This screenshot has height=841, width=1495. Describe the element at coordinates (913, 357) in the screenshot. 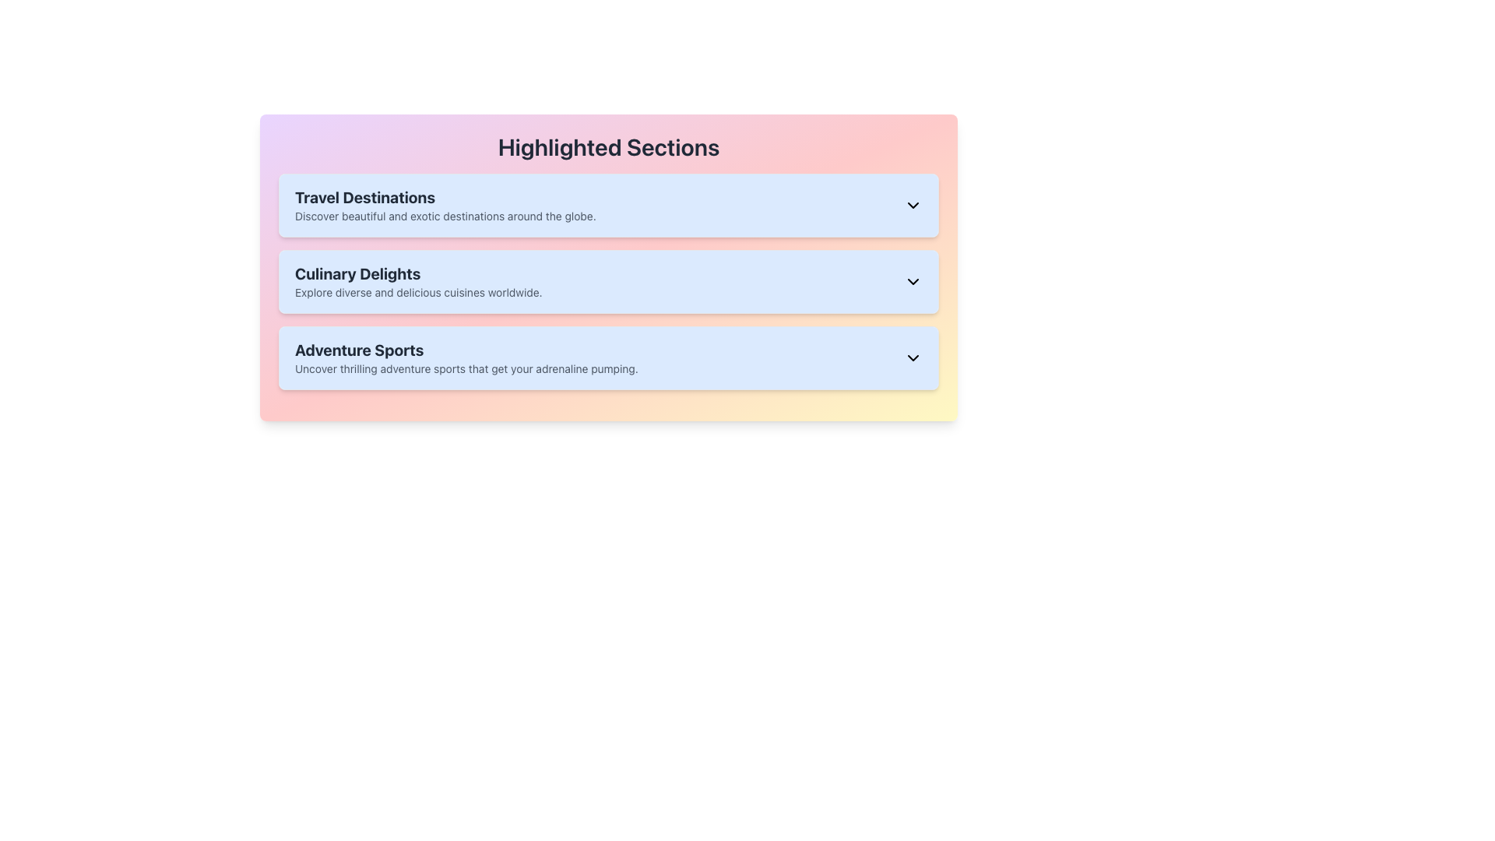

I see `the downward-pointing arrow icon that serves as the Dropdown Indicator in the 'Adventure Sports' section` at that location.